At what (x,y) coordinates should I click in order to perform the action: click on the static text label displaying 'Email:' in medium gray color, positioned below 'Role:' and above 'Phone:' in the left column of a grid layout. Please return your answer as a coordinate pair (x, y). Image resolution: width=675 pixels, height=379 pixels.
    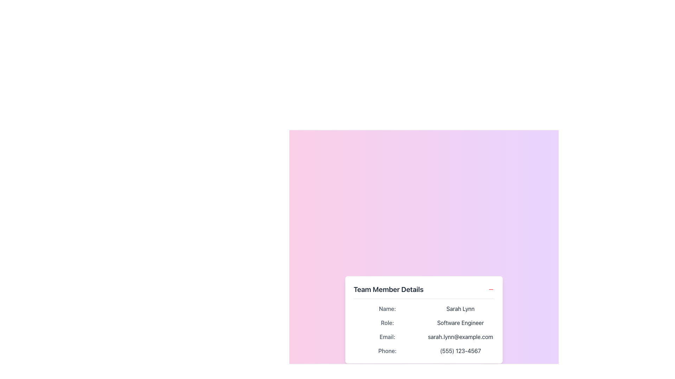
    Looking at the image, I should click on (387, 336).